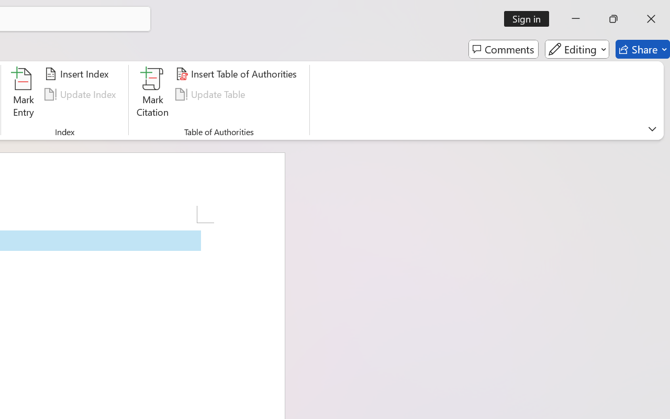 This screenshot has height=419, width=670. Describe the element at coordinates (23, 94) in the screenshot. I see `'Mark Entry...'` at that location.